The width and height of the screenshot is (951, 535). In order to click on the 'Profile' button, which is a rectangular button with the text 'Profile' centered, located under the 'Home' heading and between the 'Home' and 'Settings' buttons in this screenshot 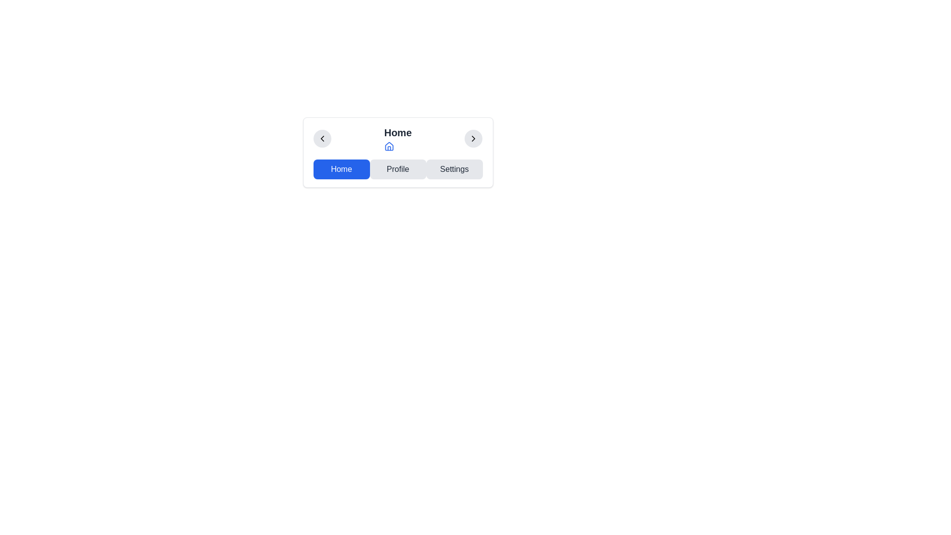, I will do `click(398, 169)`.